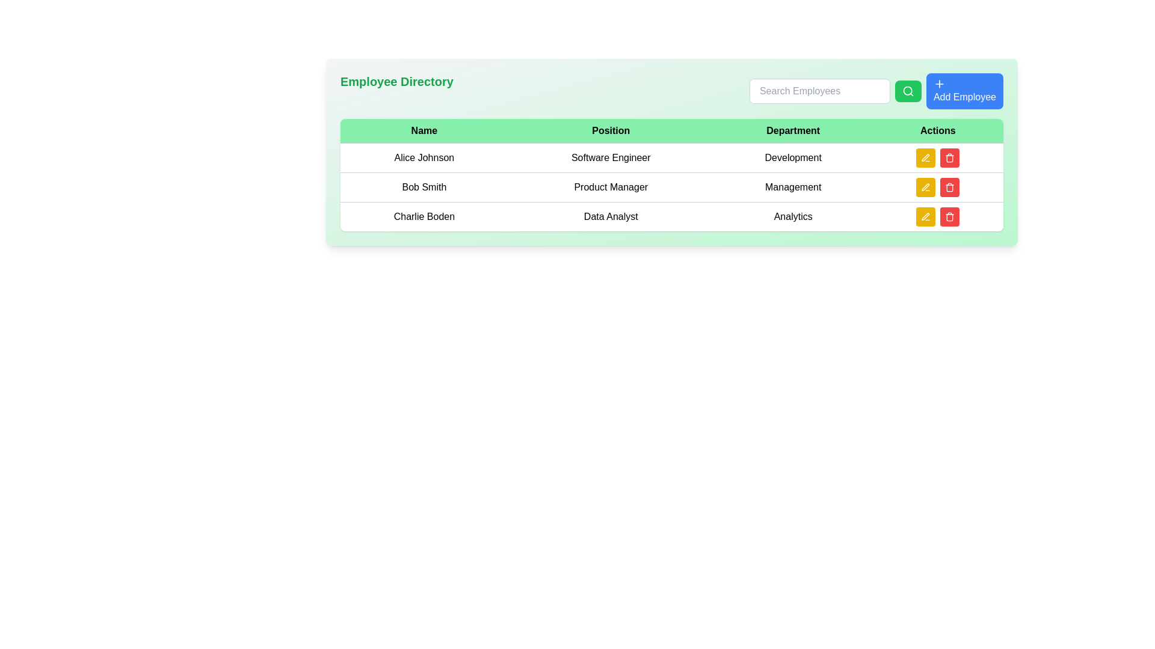  I want to click on the interactive buttons in the actions column of the second row for employee 'Bob Smith' in the 'Employee Directory' interface, so click(937, 187).